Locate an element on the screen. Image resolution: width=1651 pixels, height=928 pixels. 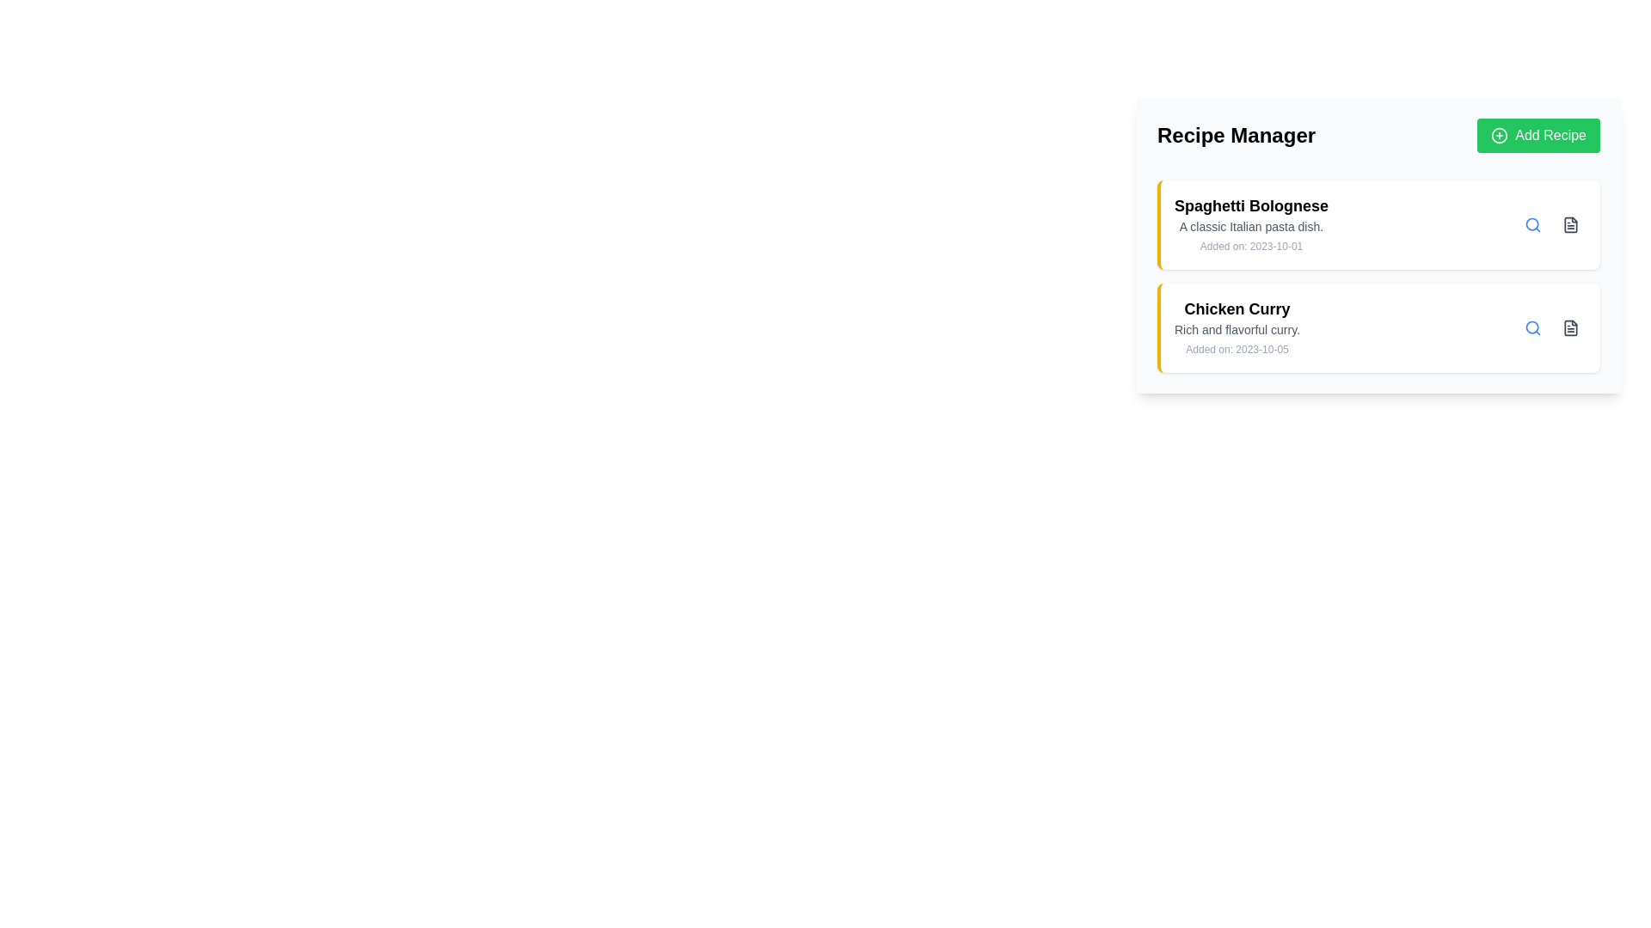
the circular SVG graphic element representing the search icon located in the top-right section of the 'Chicken Curry' recipe entry is located at coordinates (1532, 223).